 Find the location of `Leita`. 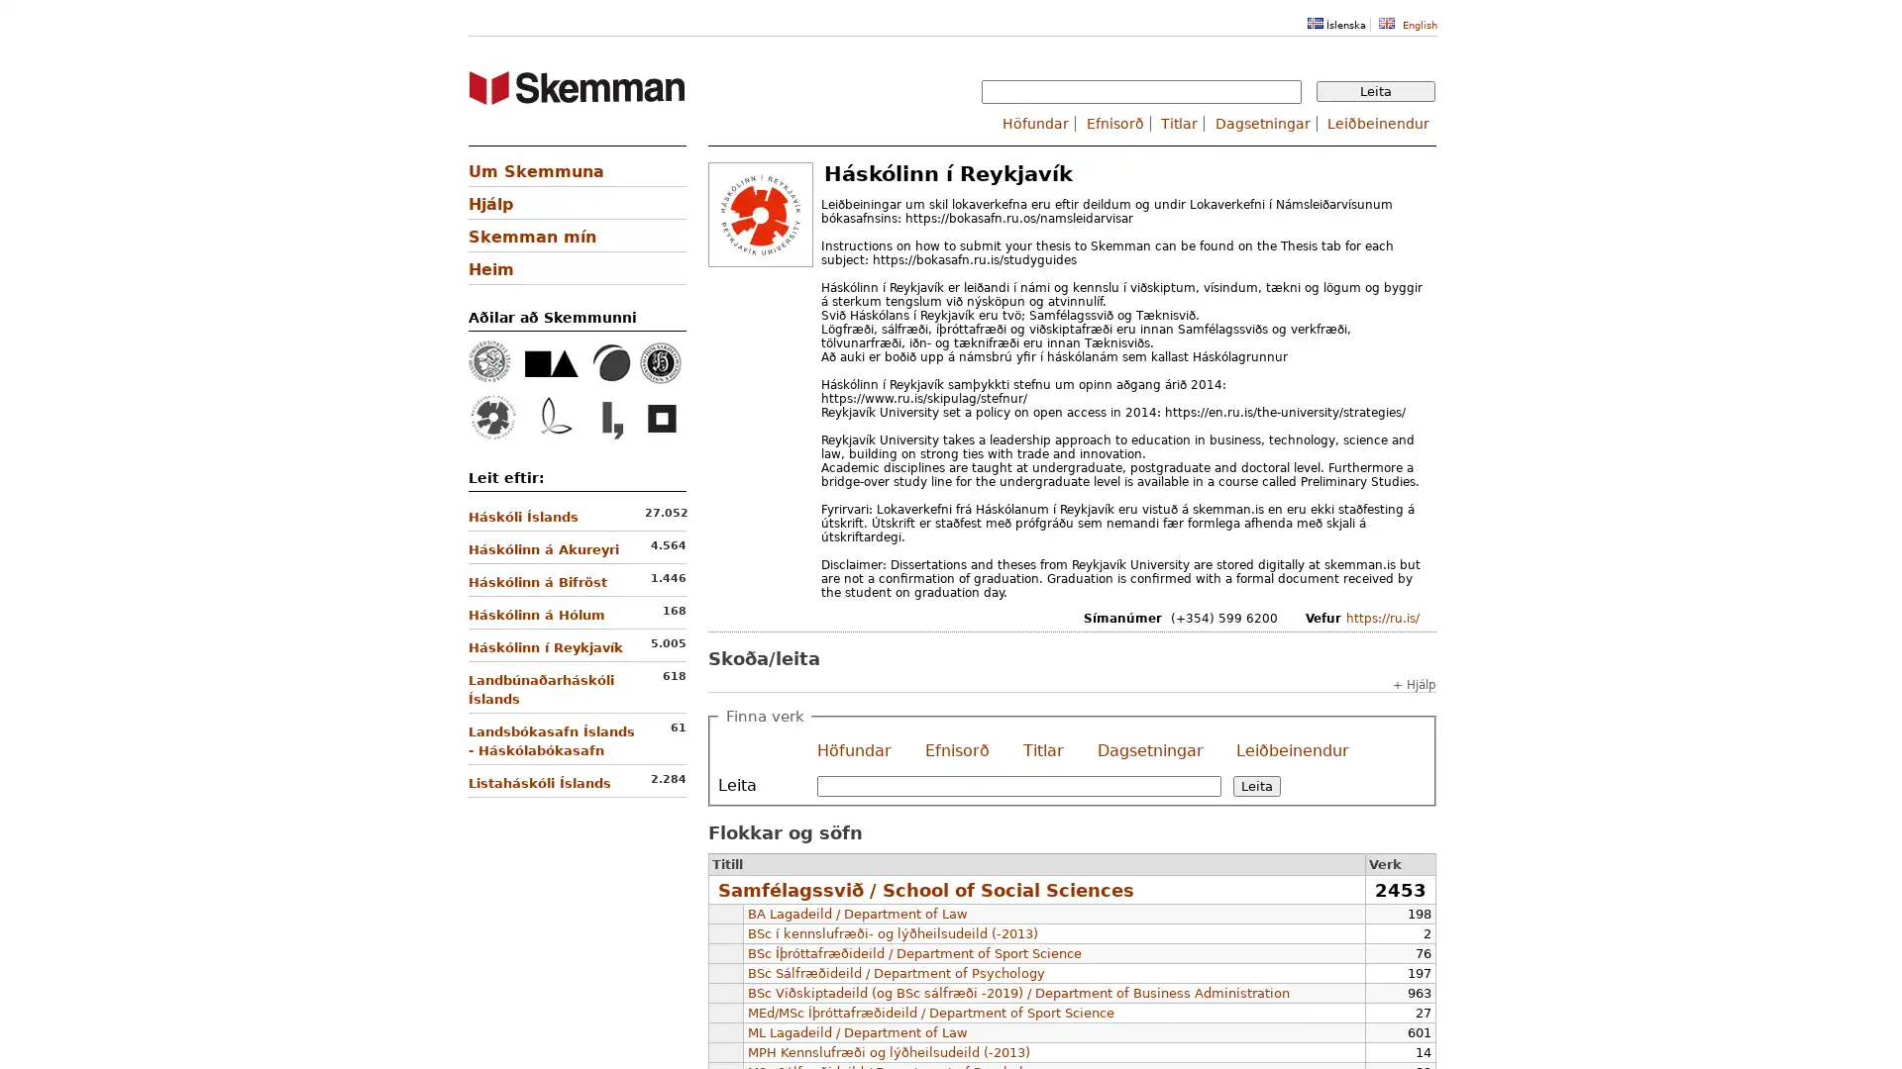

Leita is located at coordinates (1374, 91).